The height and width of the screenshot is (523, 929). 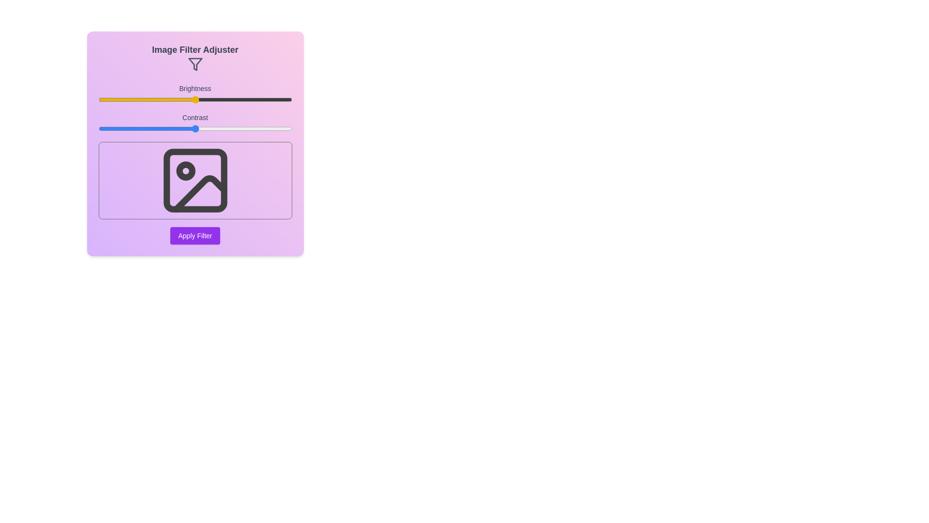 What do you see at coordinates (160, 99) in the screenshot?
I see `the brightness slider to 32%` at bounding box center [160, 99].